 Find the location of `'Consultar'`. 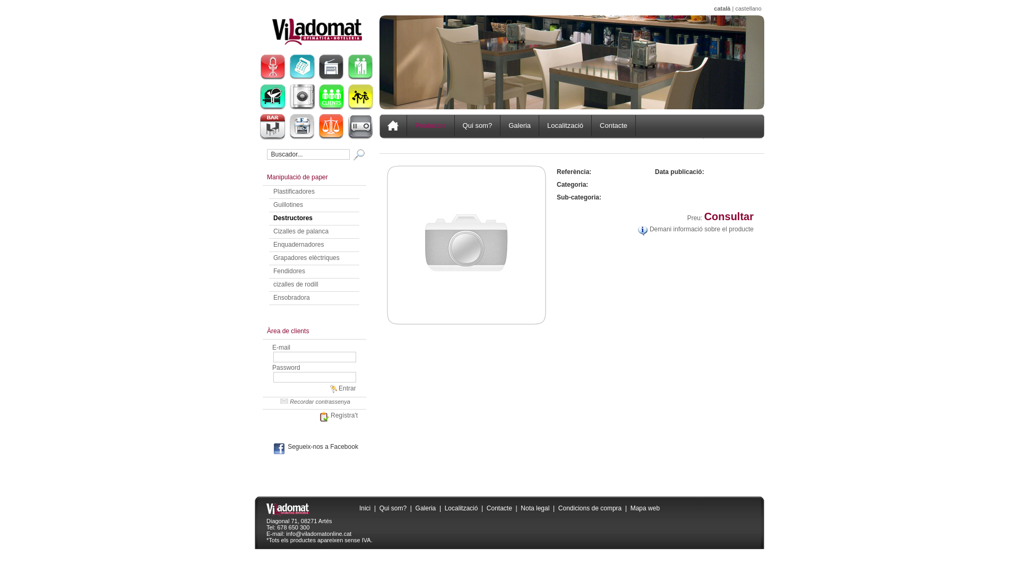

'Consultar' is located at coordinates (728, 216).